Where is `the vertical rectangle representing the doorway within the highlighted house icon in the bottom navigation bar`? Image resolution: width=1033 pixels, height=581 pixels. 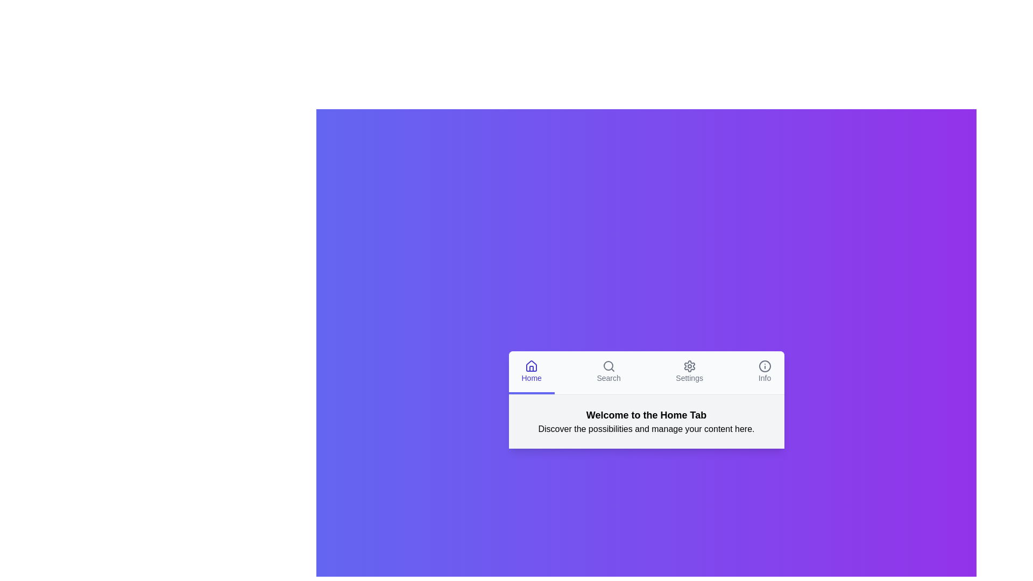
the vertical rectangle representing the doorway within the highlighted house icon in the bottom navigation bar is located at coordinates (532, 368).